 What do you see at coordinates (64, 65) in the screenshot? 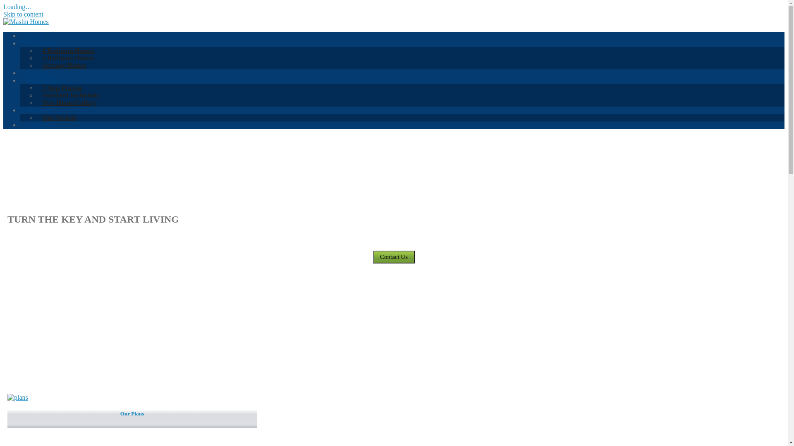
I see `'Acreage Homes'` at bounding box center [64, 65].